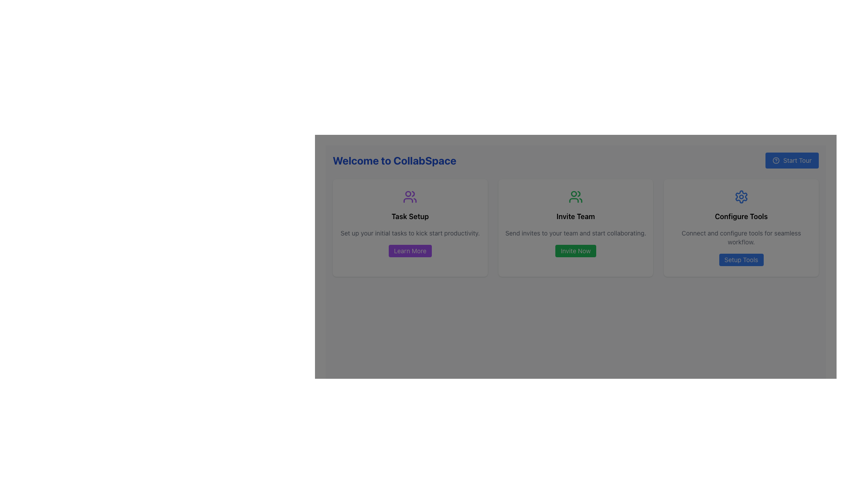 The image size is (853, 479). Describe the element at coordinates (576, 232) in the screenshot. I see `static text element that displays the message 'Send invites to your team and start collaborating.' It is located below the title 'Invite Team' in the central card of a three-card layout` at that location.